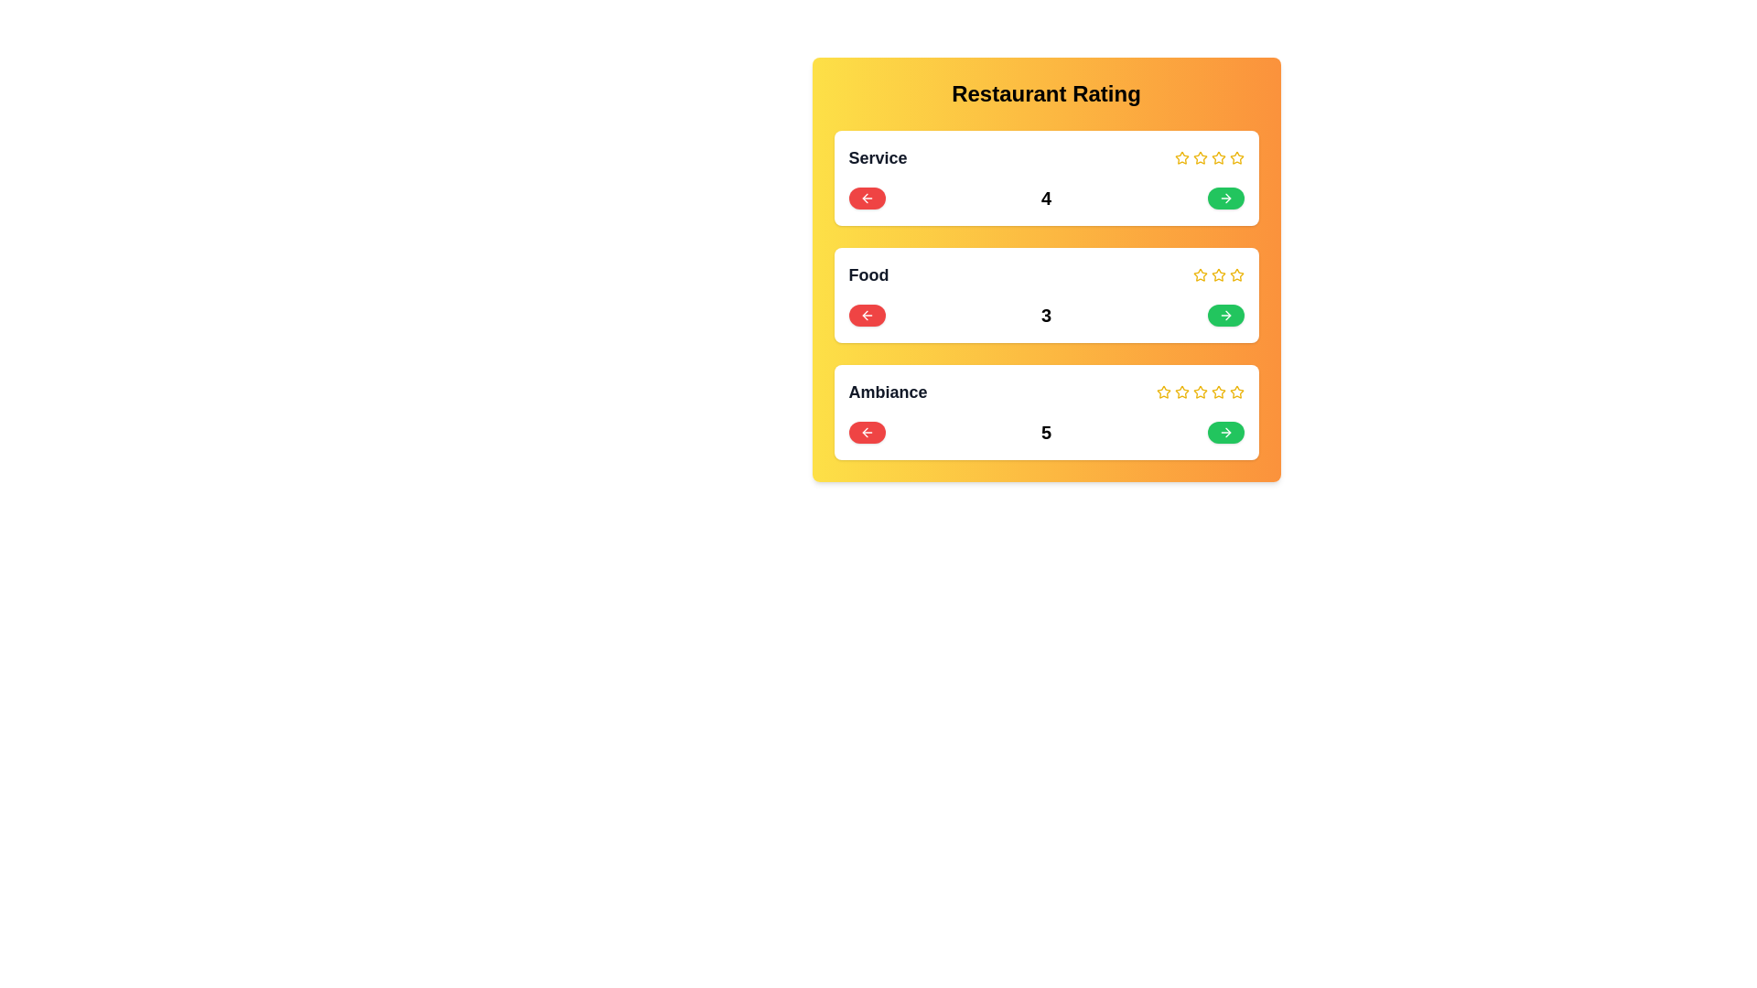 The image size is (1757, 988). Describe the element at coordinates (1218, 274) in the screenshot. I see `the second star in the trio of stars representing the 'Food' rating to change the rating` at that location.